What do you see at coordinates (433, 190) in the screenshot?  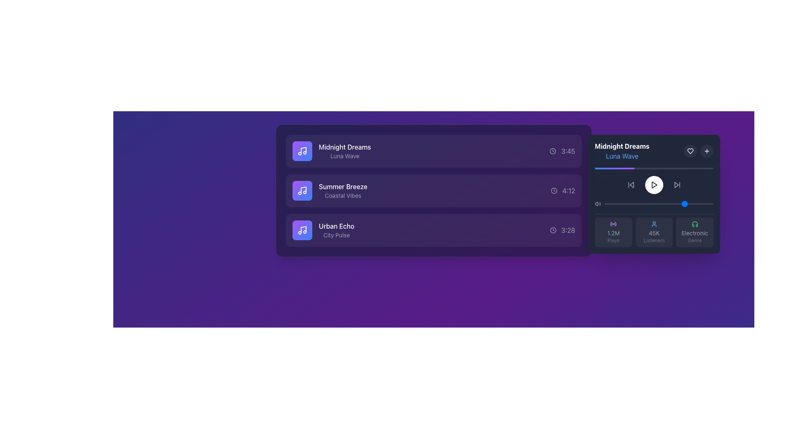 I see `the music track card titled 'Summer Breeze' with a purple background, which is the second card in a vertical list of three cards` at bounding box center [433, 190].